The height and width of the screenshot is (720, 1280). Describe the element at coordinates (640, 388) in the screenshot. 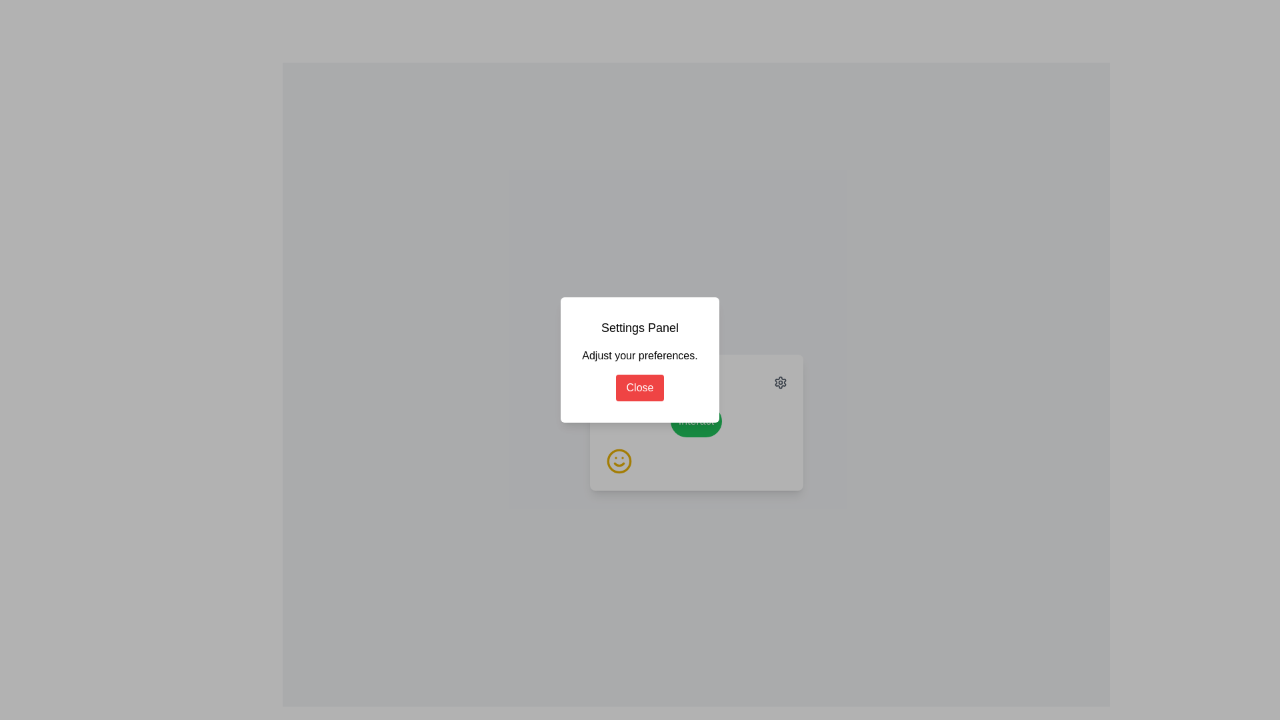

I see `the close button located at the bottom of the 'Settings Panel'` at that location.